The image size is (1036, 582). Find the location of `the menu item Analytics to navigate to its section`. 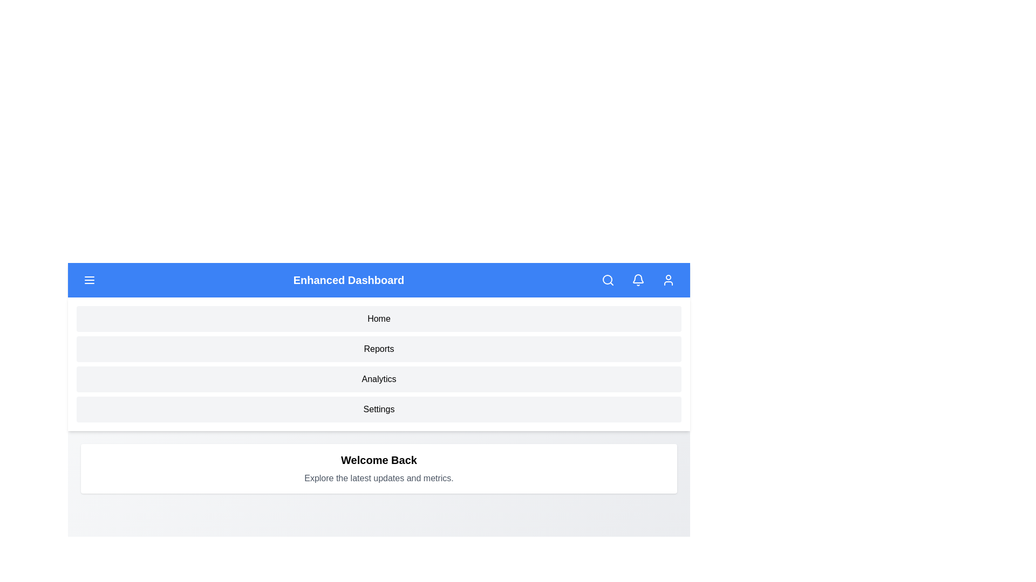

the menu item Analytics to navigate to its section is located at coordinates (379, 379).